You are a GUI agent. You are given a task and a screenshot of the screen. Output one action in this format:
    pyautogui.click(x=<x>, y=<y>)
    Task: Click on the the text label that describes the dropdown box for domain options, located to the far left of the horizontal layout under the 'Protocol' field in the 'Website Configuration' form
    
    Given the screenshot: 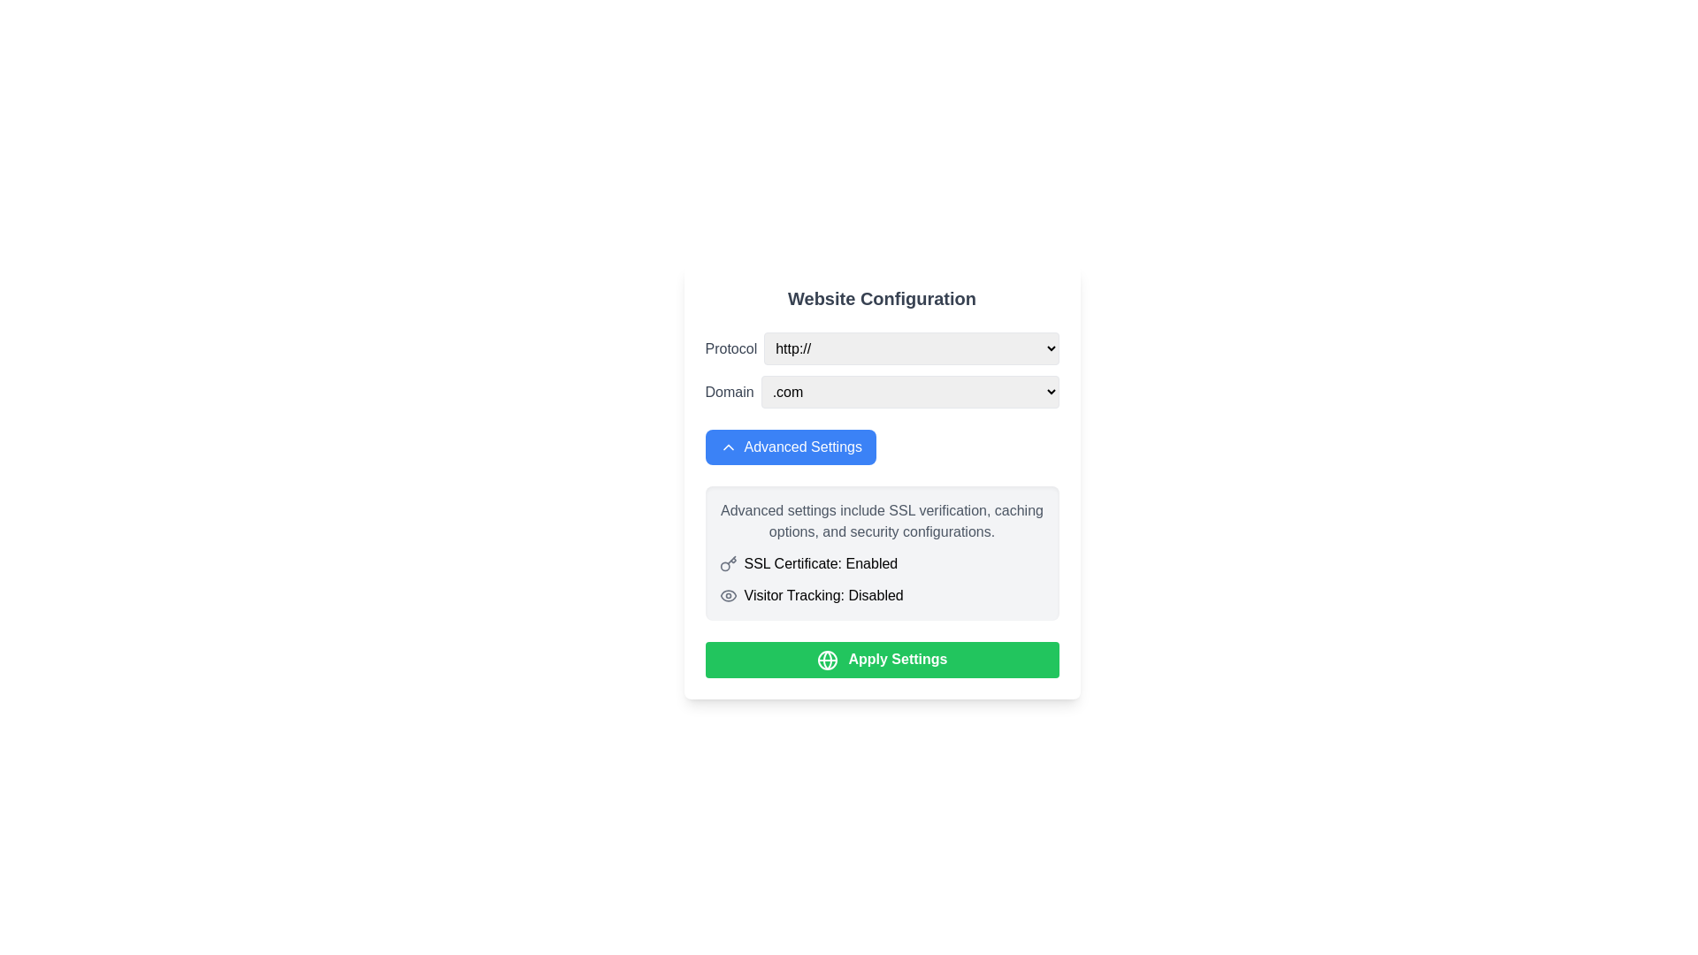 What is the action you would take?
    pyautogui.click(x=730, y=391)
    